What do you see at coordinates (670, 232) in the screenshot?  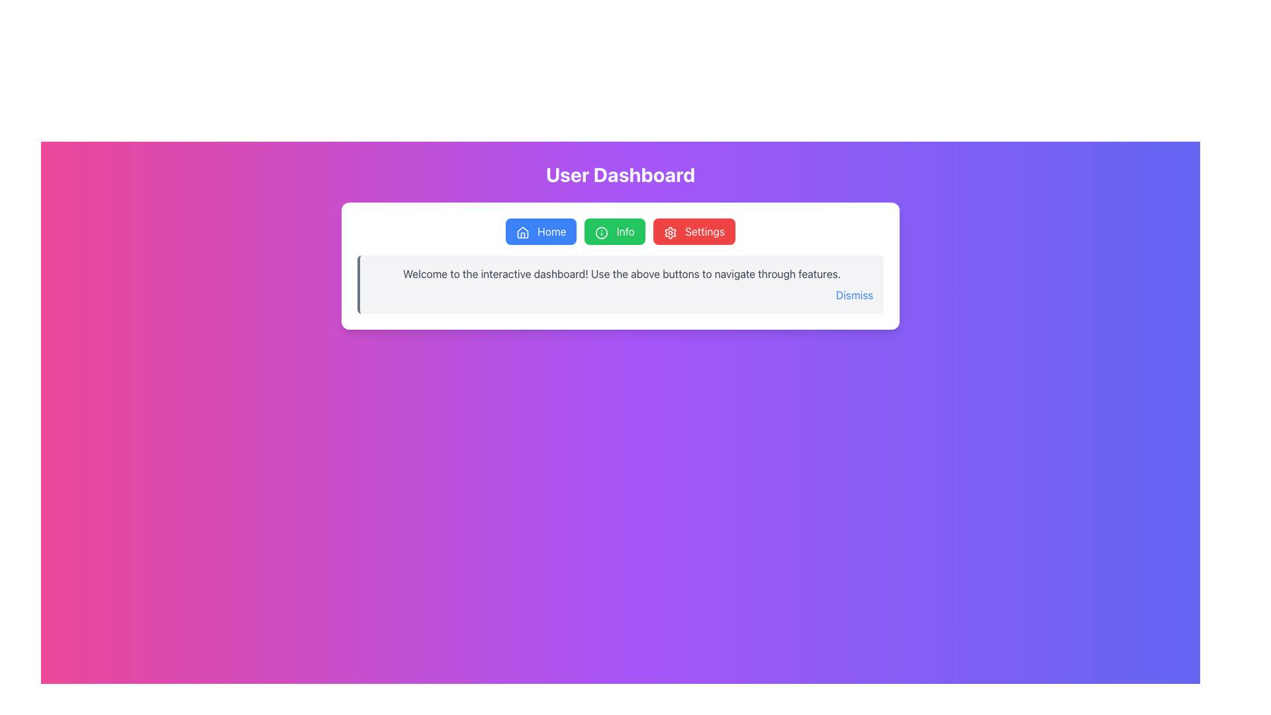 I see `the red 'Settings' button that contains the gear-shaped icon` at bounding box center [670, 232].